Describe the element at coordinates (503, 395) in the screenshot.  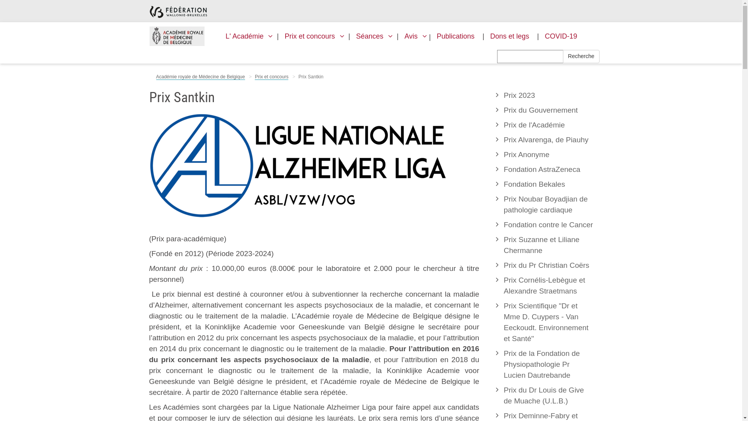
I see `'Prix du Dr Louis de Give de Muache (U.L.B.)'` at that location.